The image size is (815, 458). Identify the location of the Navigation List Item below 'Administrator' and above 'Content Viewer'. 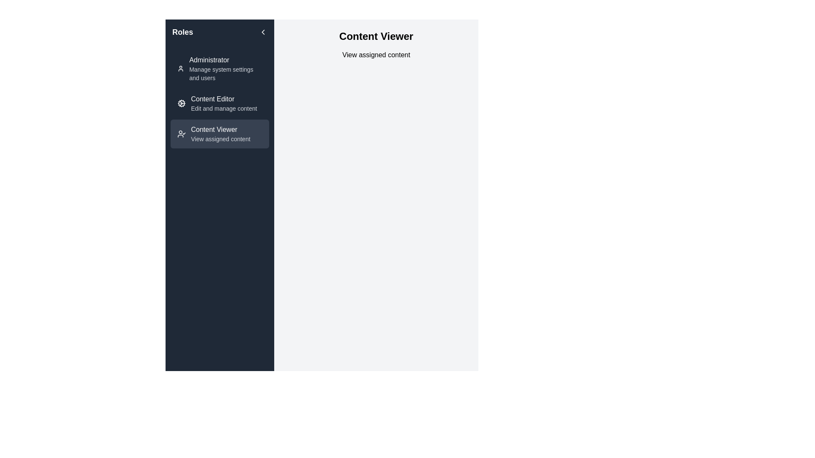
(224, 103).